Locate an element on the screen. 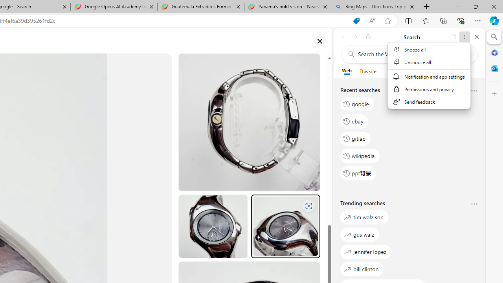  'This site scope' is located at coordinates (367, 71).